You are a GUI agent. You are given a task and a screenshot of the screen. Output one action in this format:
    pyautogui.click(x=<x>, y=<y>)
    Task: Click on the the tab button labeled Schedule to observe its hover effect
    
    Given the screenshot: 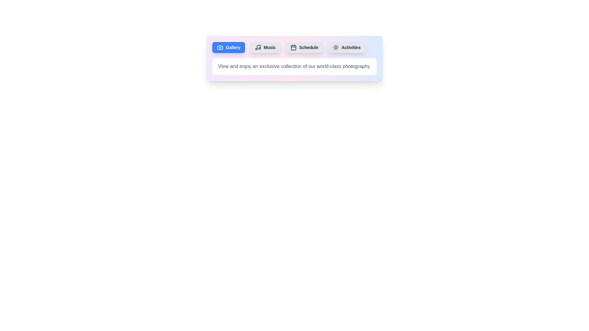 What is the action you would take?
    pyautogui.click(x=304, y=47)
    